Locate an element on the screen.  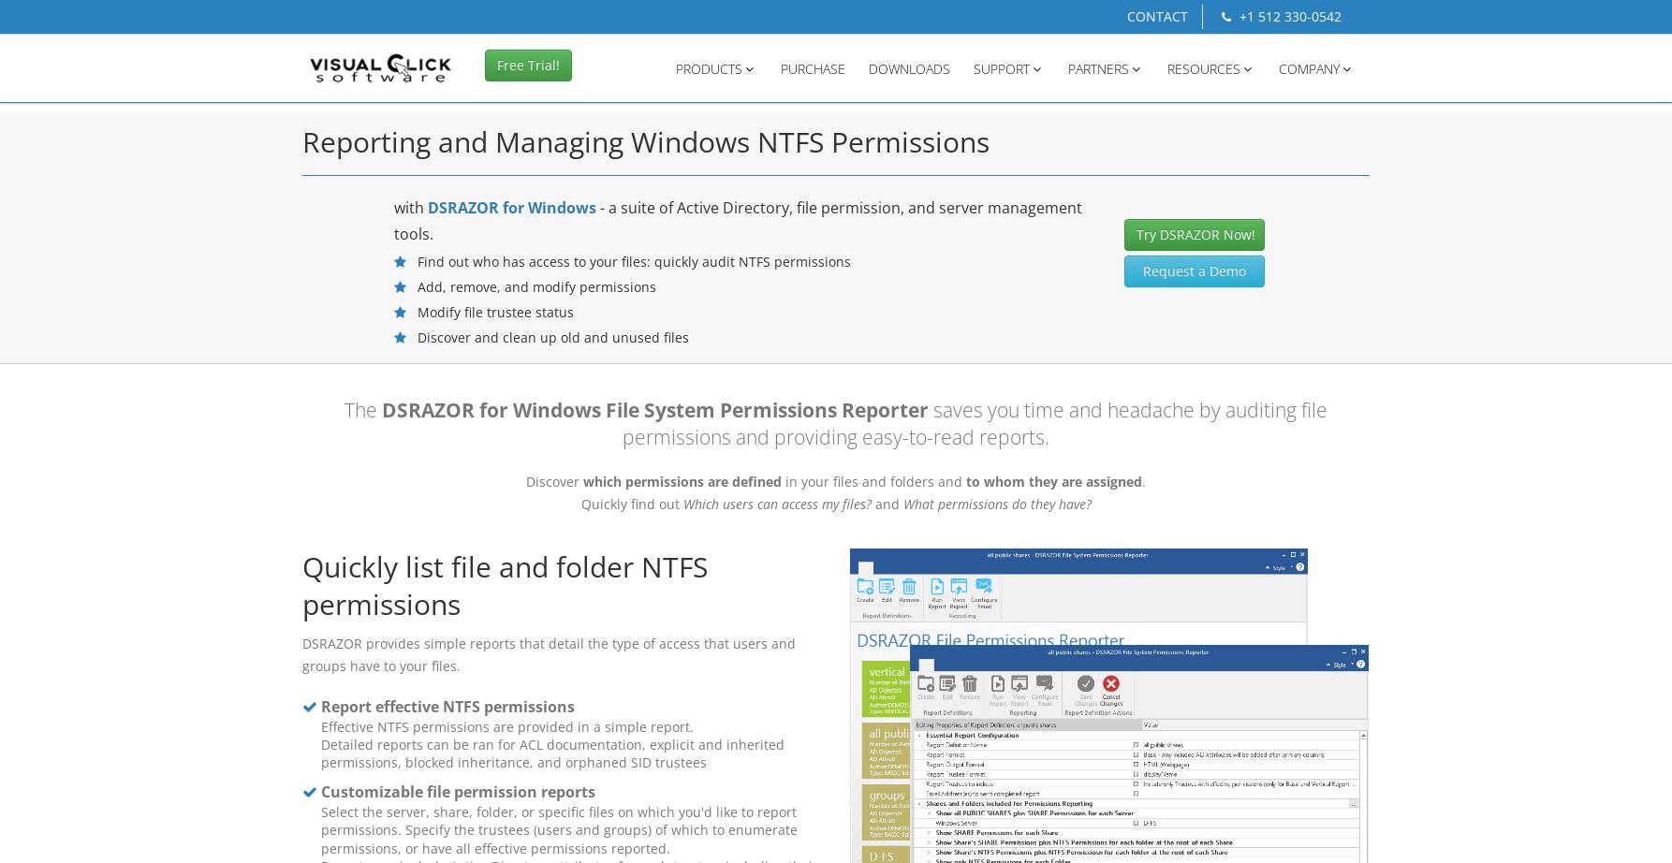
'.' is located at coordinates (1142, 480).